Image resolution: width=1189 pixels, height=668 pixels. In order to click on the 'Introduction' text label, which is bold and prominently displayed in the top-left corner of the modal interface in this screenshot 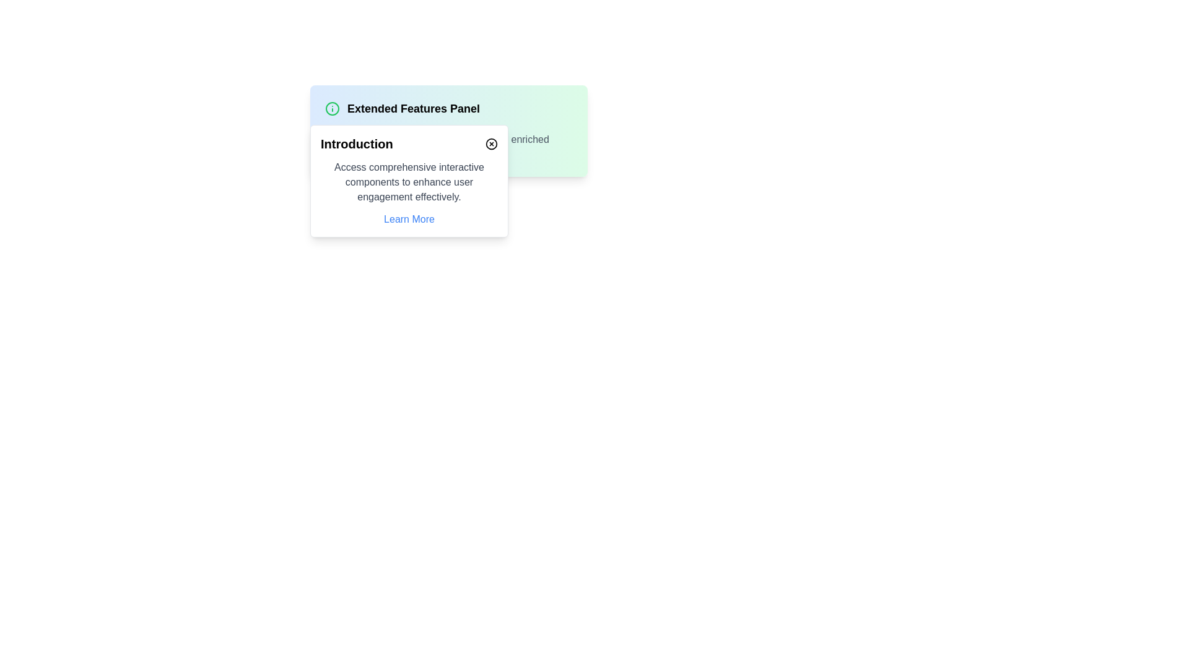, I will do `click(356, 143)`.